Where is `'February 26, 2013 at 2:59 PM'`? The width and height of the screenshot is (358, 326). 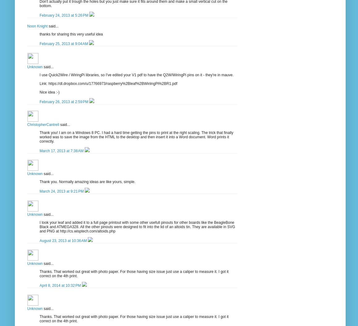 'February 26, 2013 at 2:59 PM' is located at coordinates (64, 102).